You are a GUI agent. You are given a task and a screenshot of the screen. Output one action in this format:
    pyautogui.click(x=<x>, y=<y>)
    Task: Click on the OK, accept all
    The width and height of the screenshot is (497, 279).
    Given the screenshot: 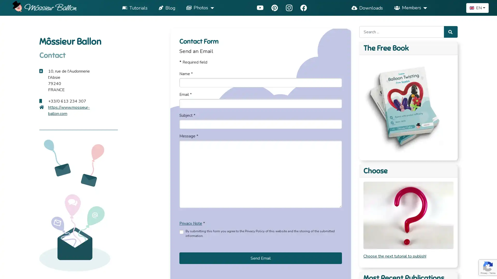 What is the action you would take?
    pyautogui.click(x=275, y=272)
    